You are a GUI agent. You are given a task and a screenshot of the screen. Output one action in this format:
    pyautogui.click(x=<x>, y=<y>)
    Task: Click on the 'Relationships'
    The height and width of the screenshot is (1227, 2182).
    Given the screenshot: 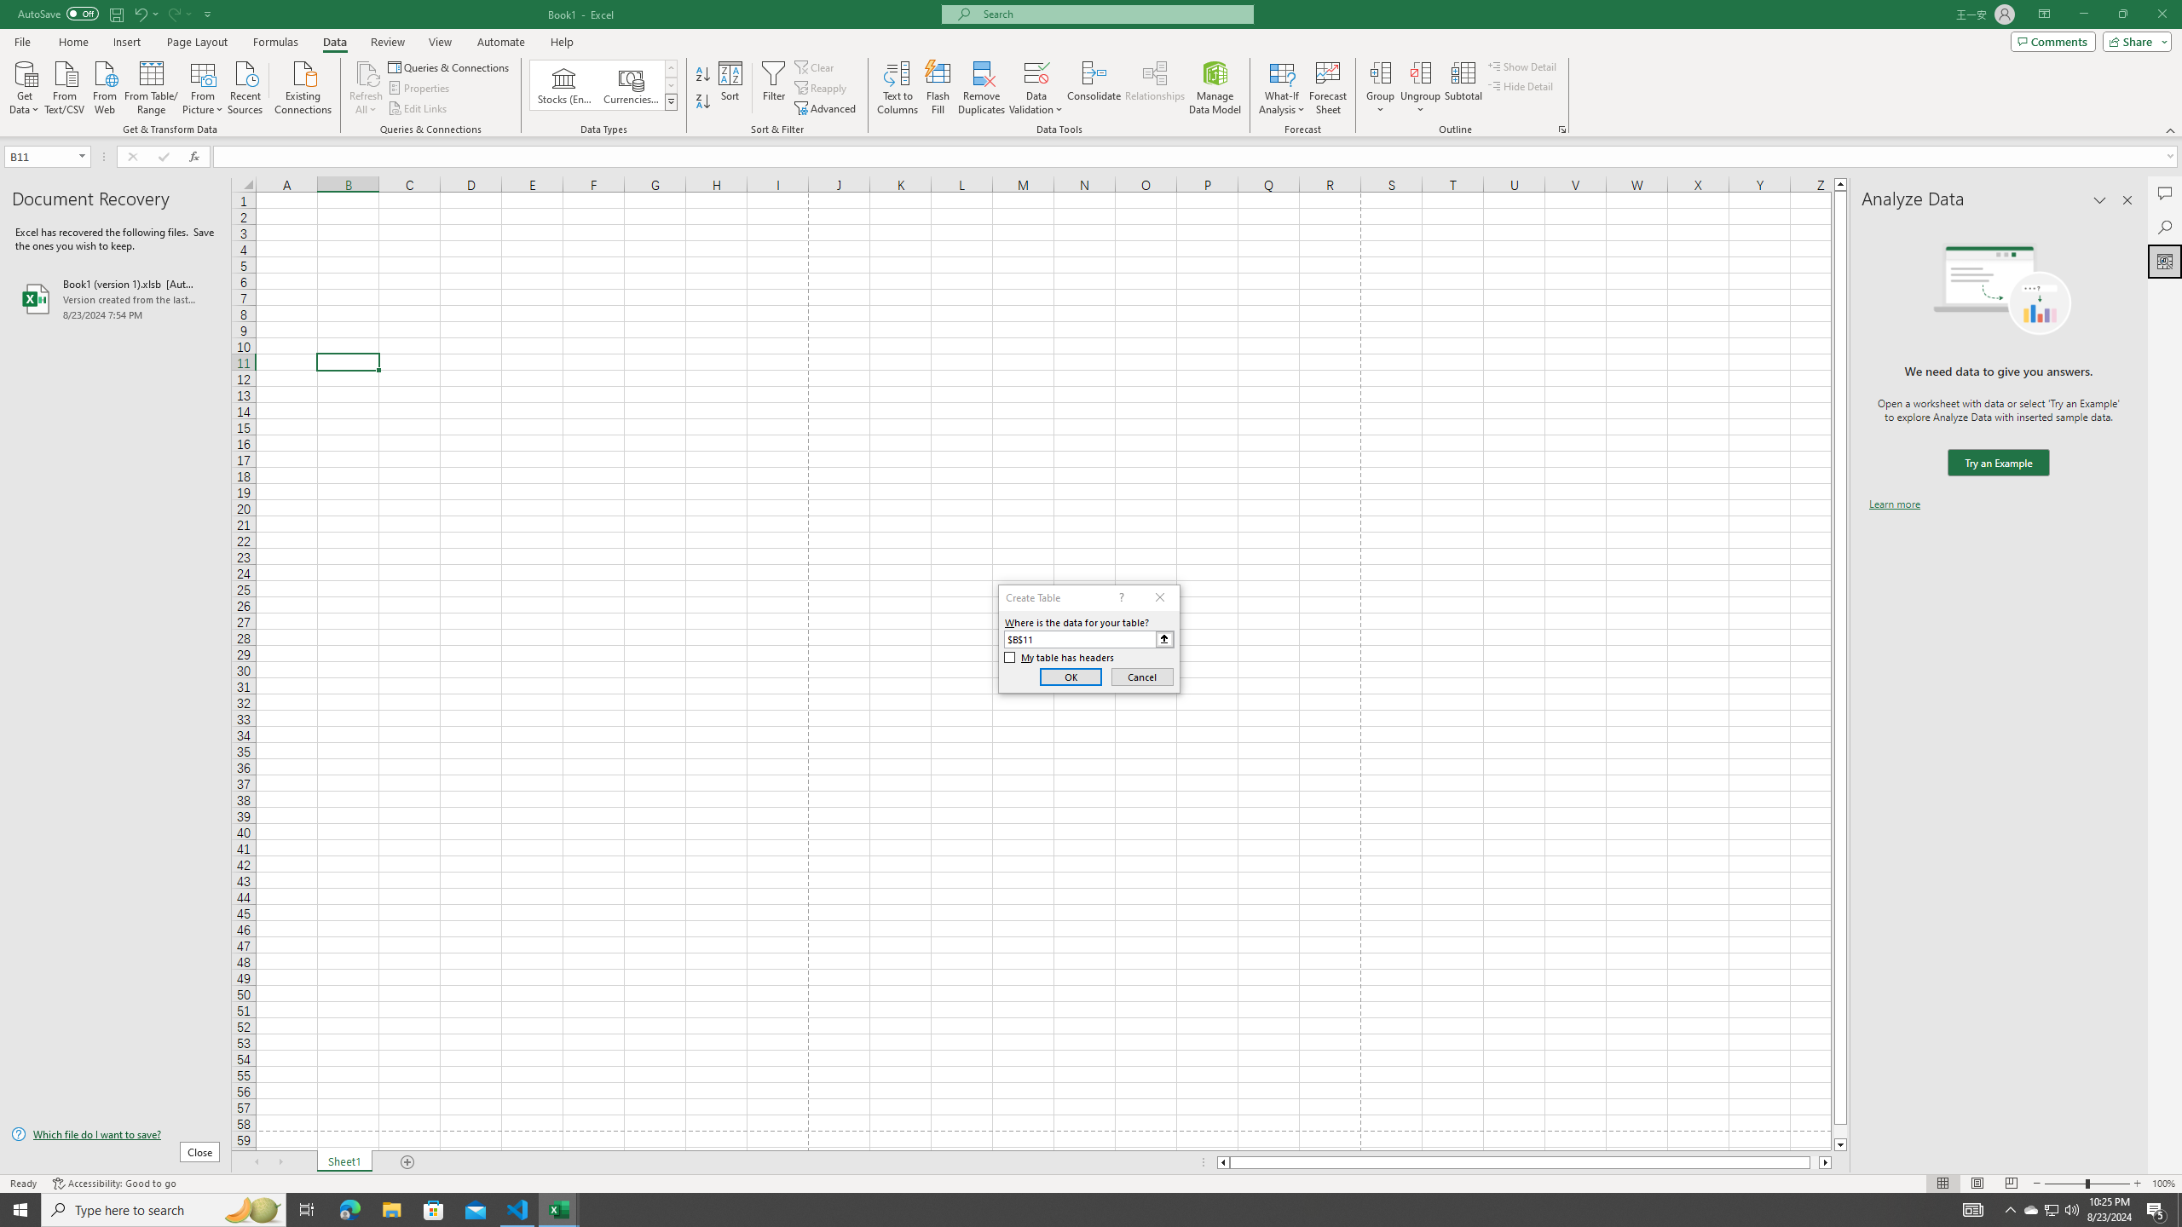 What is the action you would take?
    pyautogui.click(x=1154, y=88)
    